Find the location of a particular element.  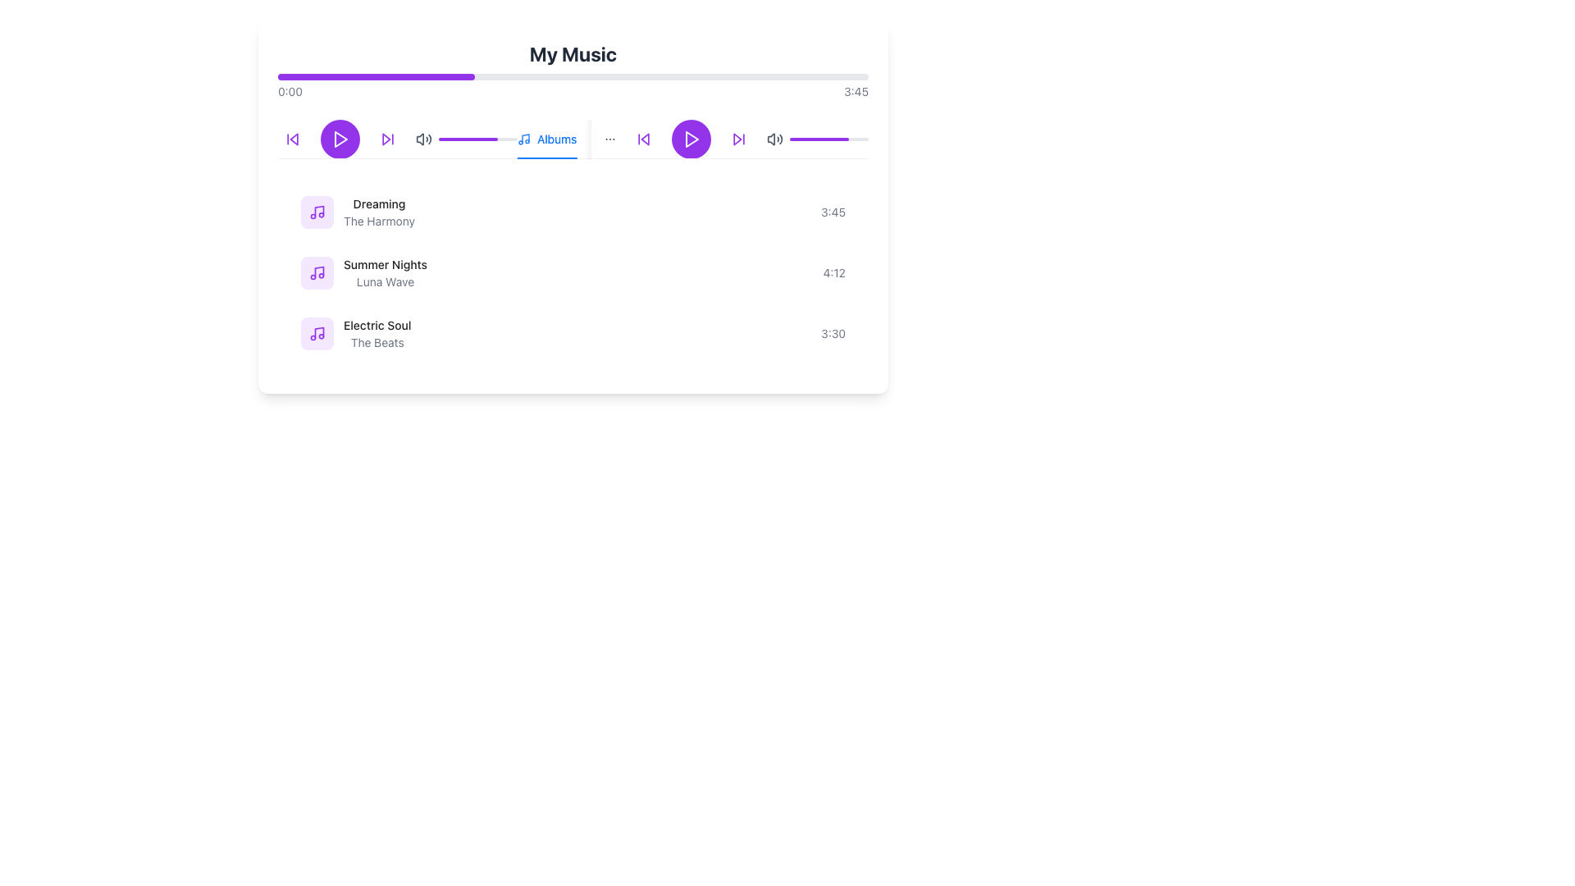

the text element displaying the song title 'Summer Nights' by 'Luna Wave' is located at coordinates (385, 272).